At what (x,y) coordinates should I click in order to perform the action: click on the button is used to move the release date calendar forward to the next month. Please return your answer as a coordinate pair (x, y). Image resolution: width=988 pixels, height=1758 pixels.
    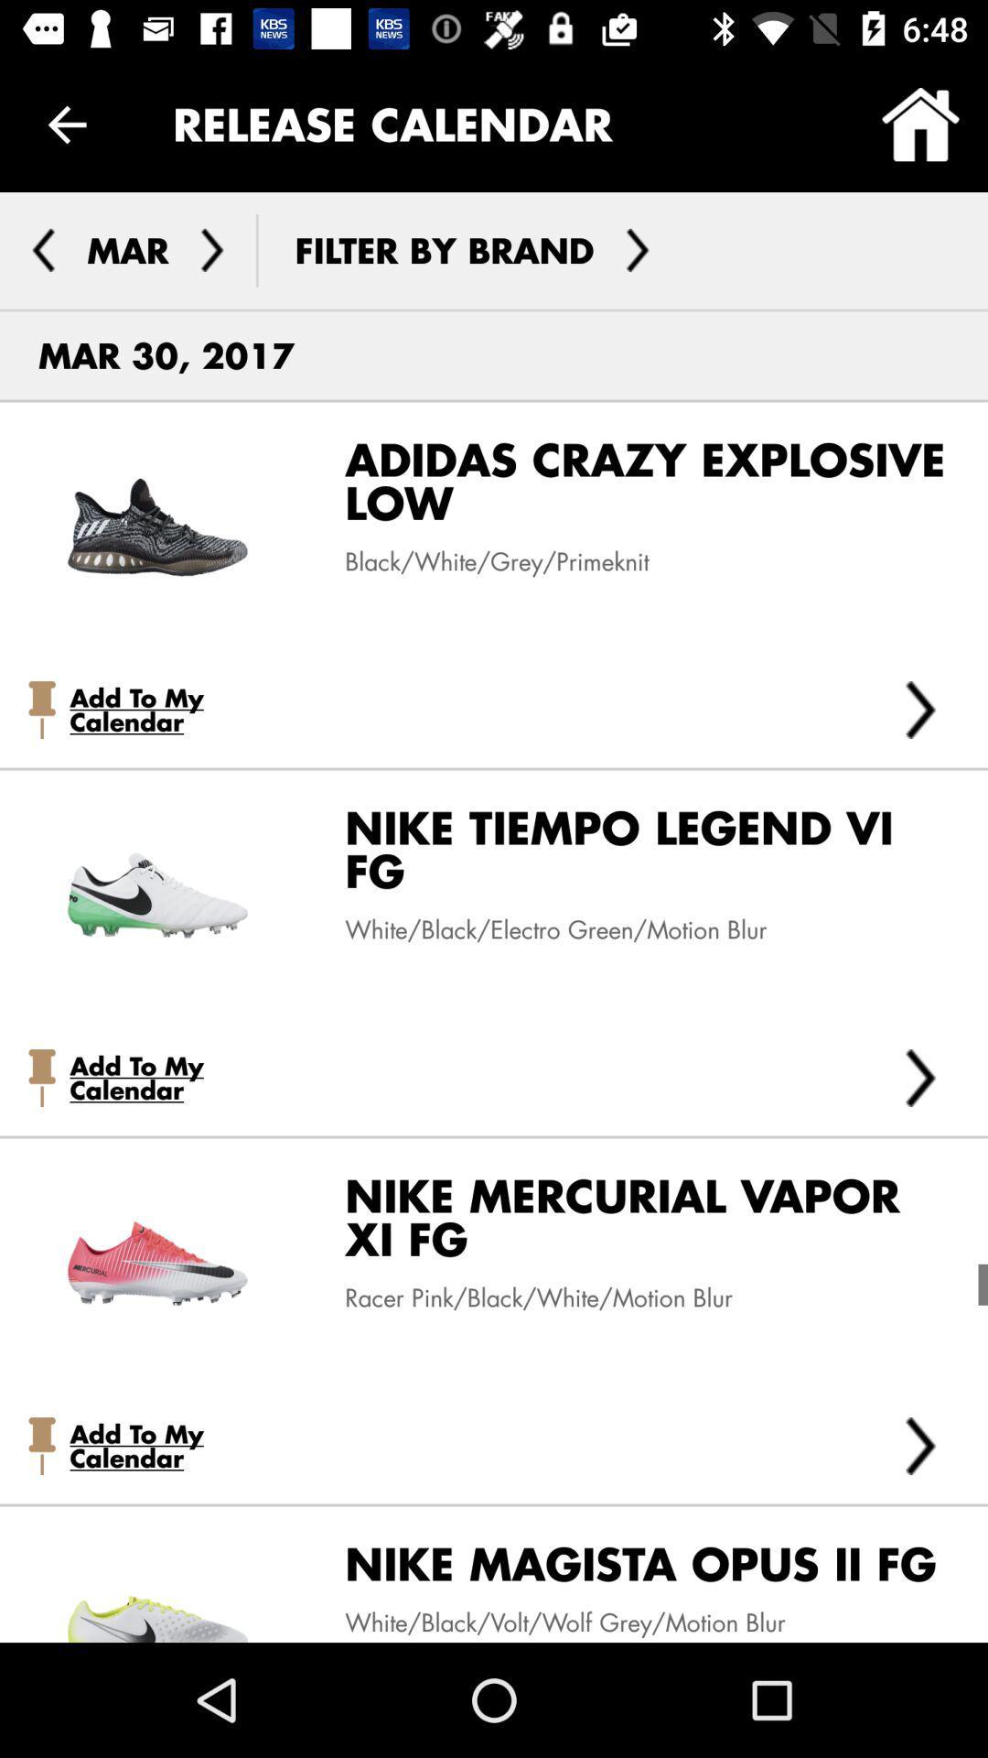
    Looking at the image, I should click on (211, 249).